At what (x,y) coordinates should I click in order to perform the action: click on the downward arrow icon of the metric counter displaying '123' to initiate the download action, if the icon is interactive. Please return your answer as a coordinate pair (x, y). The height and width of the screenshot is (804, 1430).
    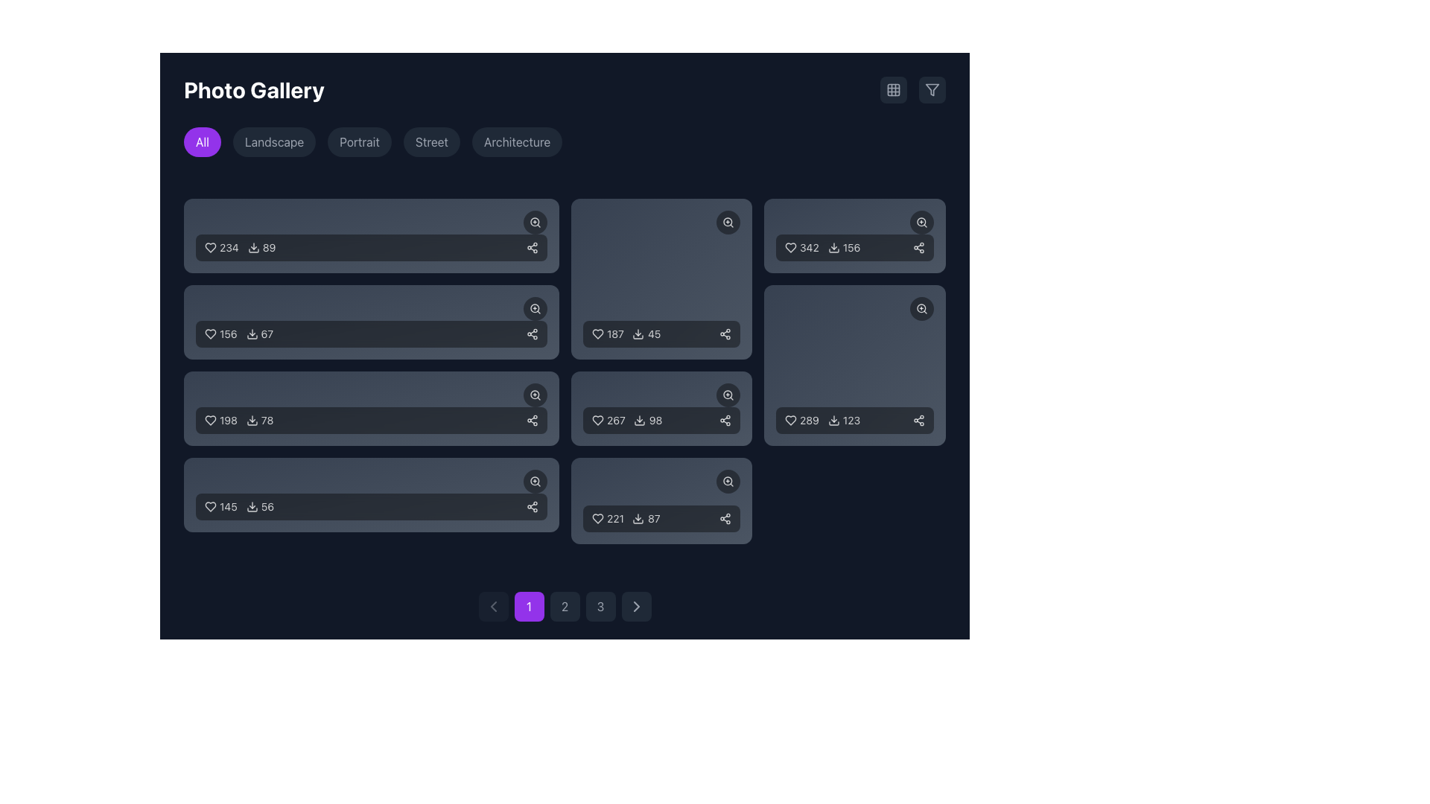
    Looking at the image, I should click on (844, 420).